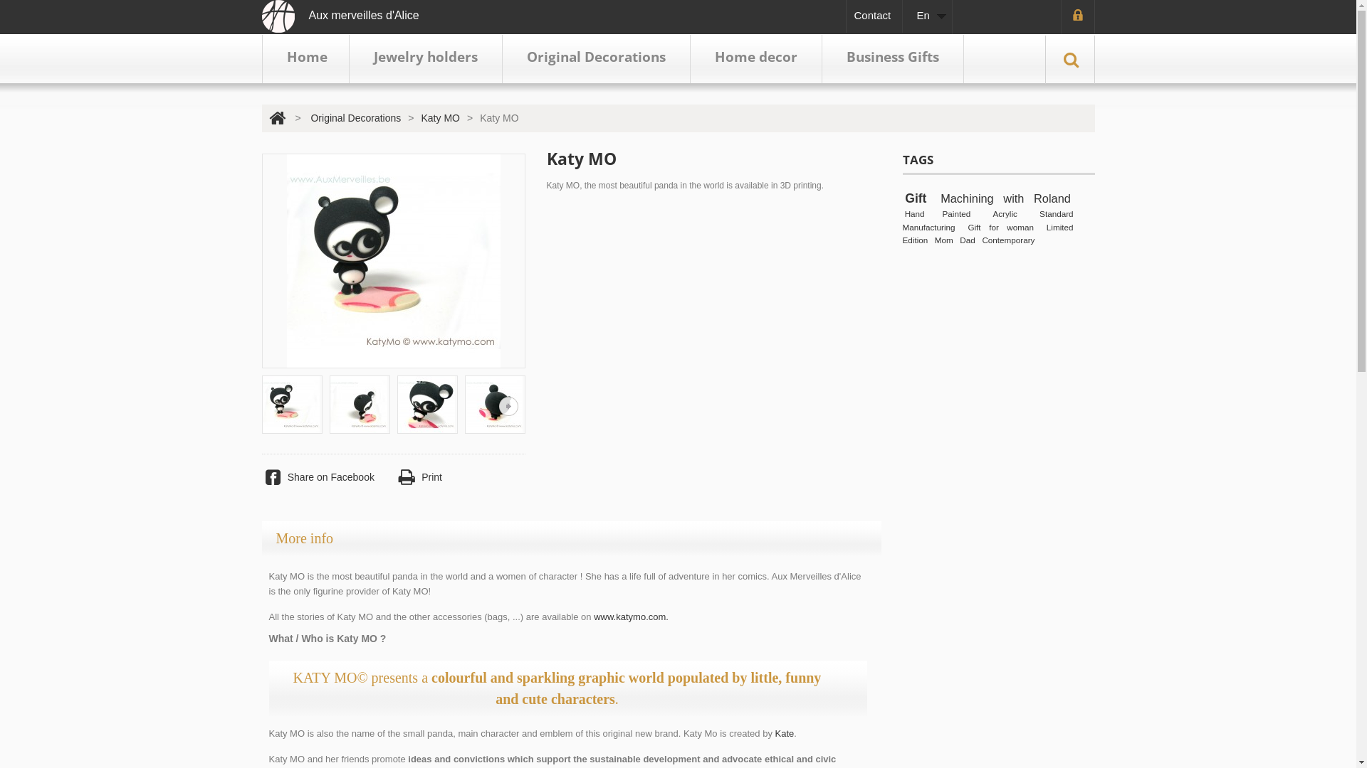 This screenshot has width=1367, height=768. What do you see at coordinates (317, 477) in the screenshot?
I see `'Share on Facebook'` at bounding box center [317, 477].